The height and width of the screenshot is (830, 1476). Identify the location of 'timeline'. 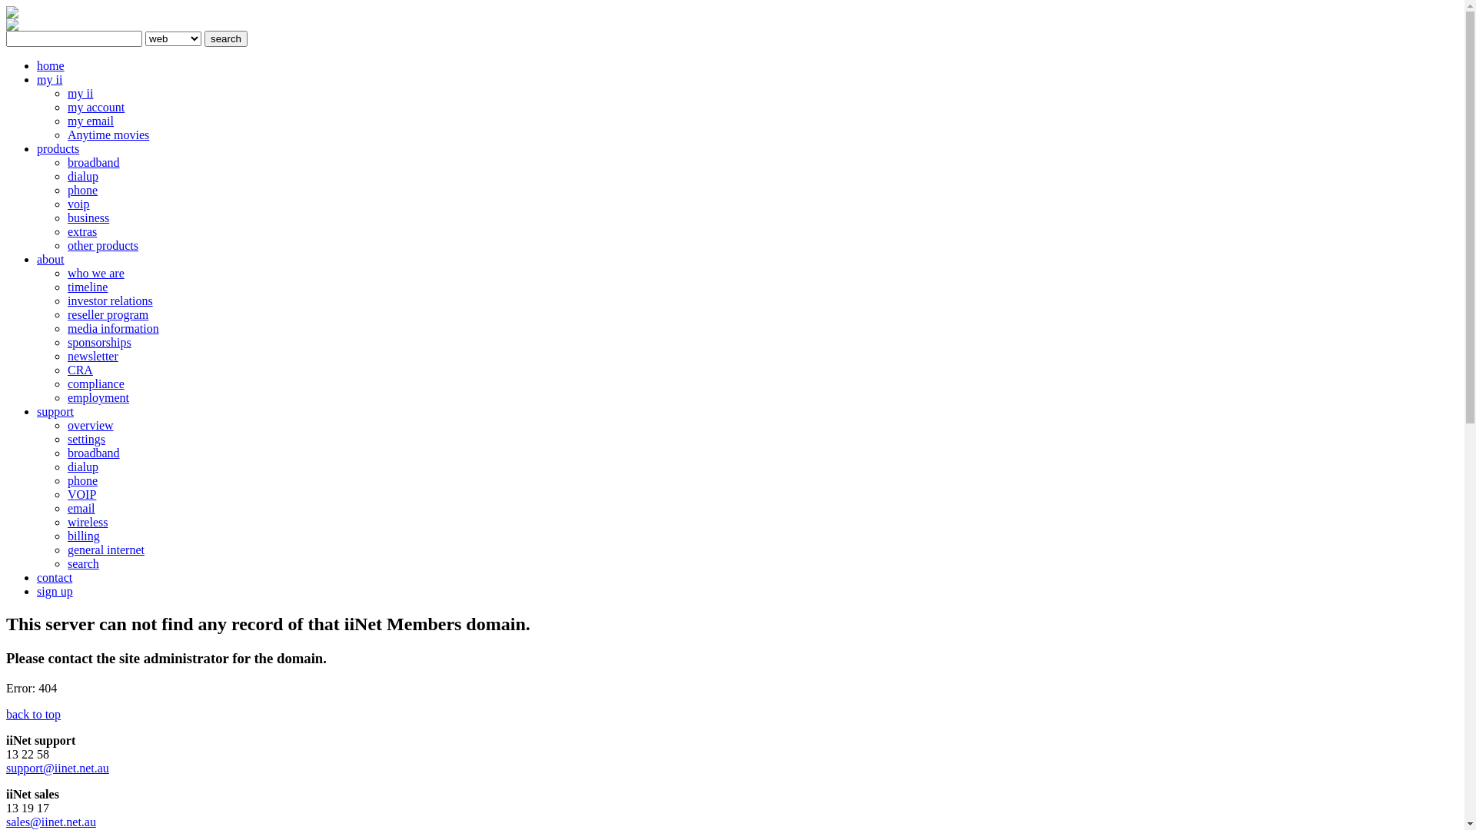
(87, 287).